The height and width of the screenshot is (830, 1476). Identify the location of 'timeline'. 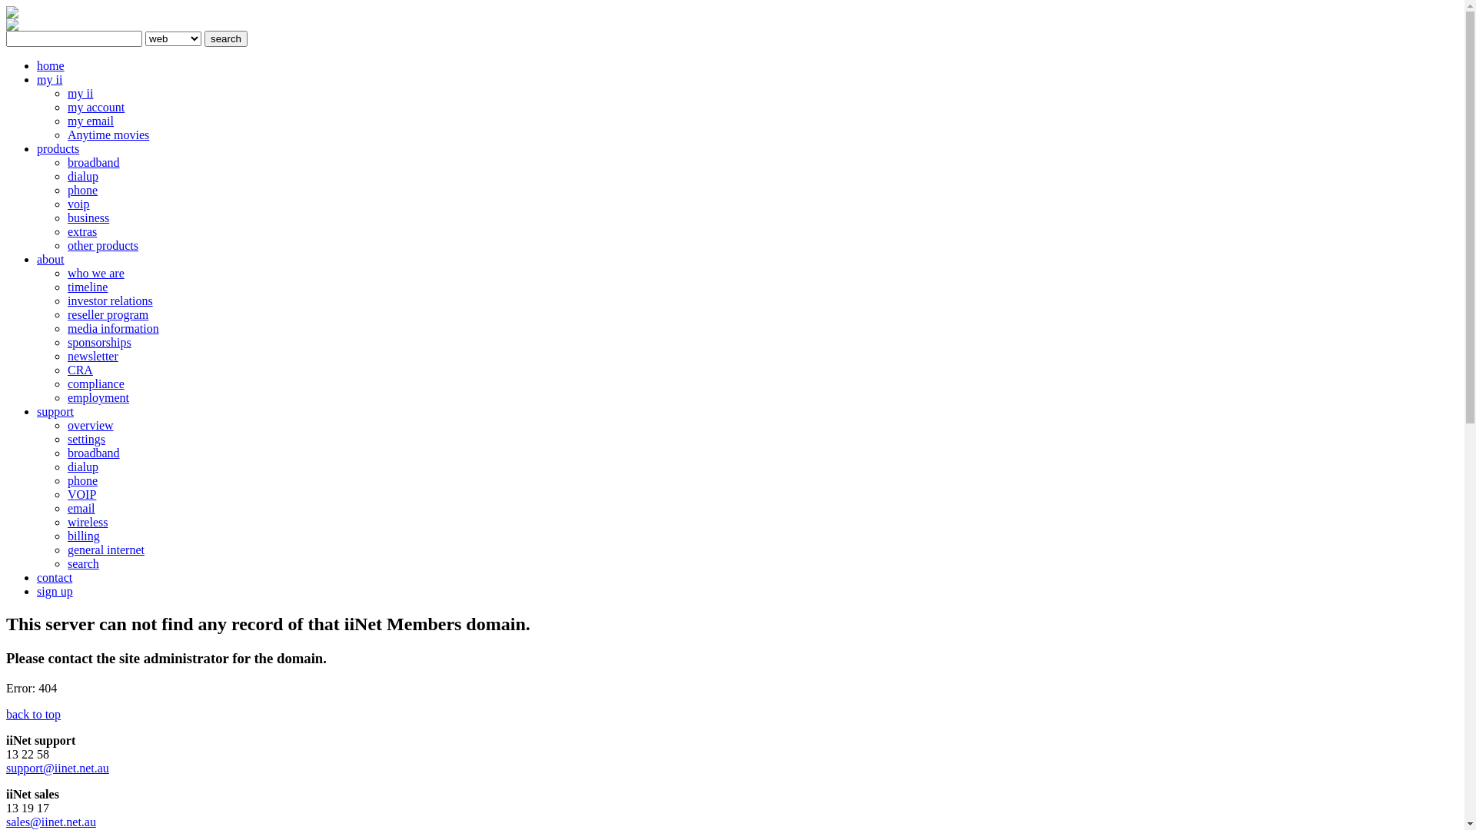
(87, 287).